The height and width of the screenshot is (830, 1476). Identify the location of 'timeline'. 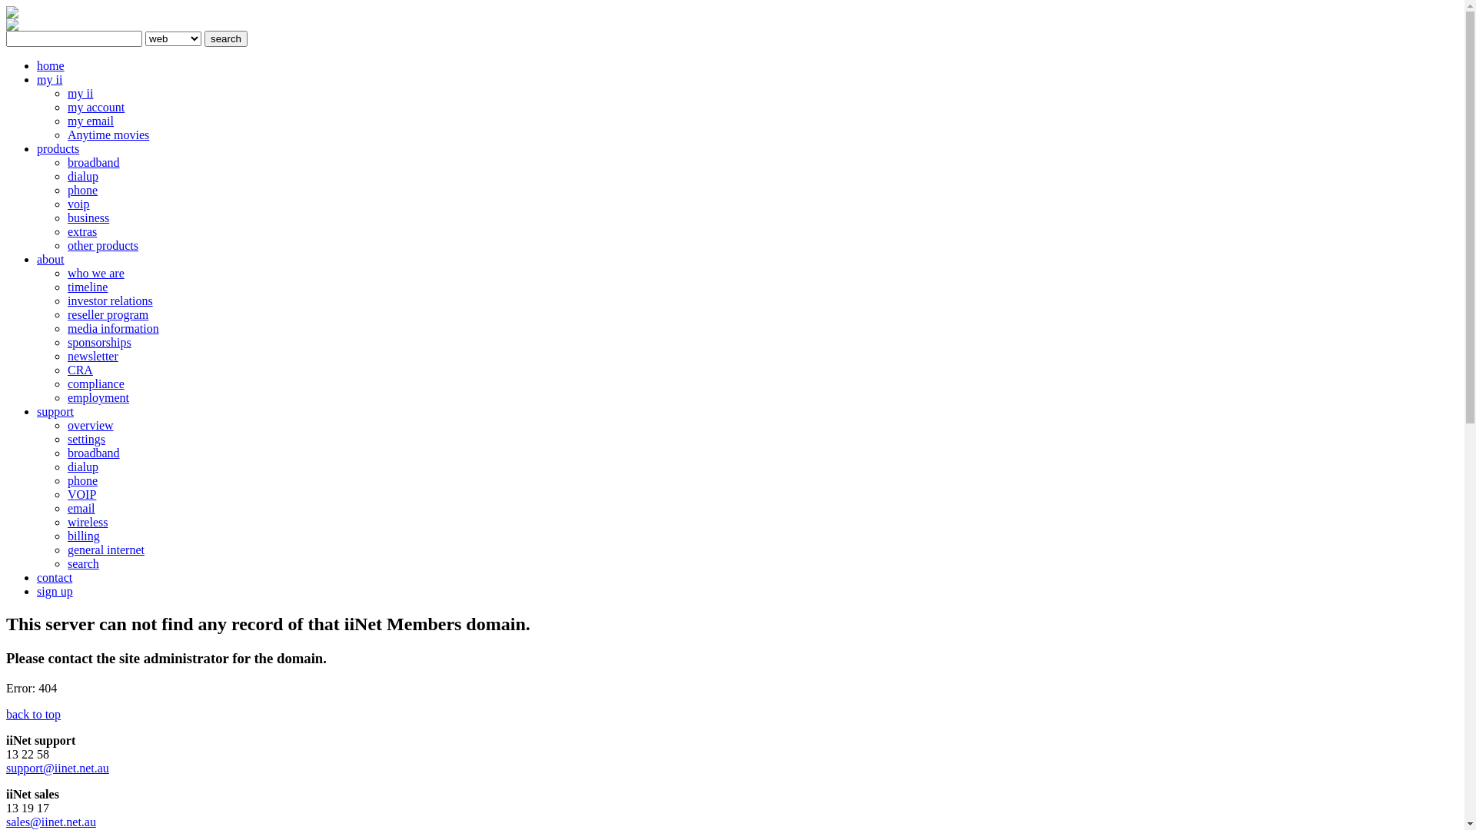
(87, 287).